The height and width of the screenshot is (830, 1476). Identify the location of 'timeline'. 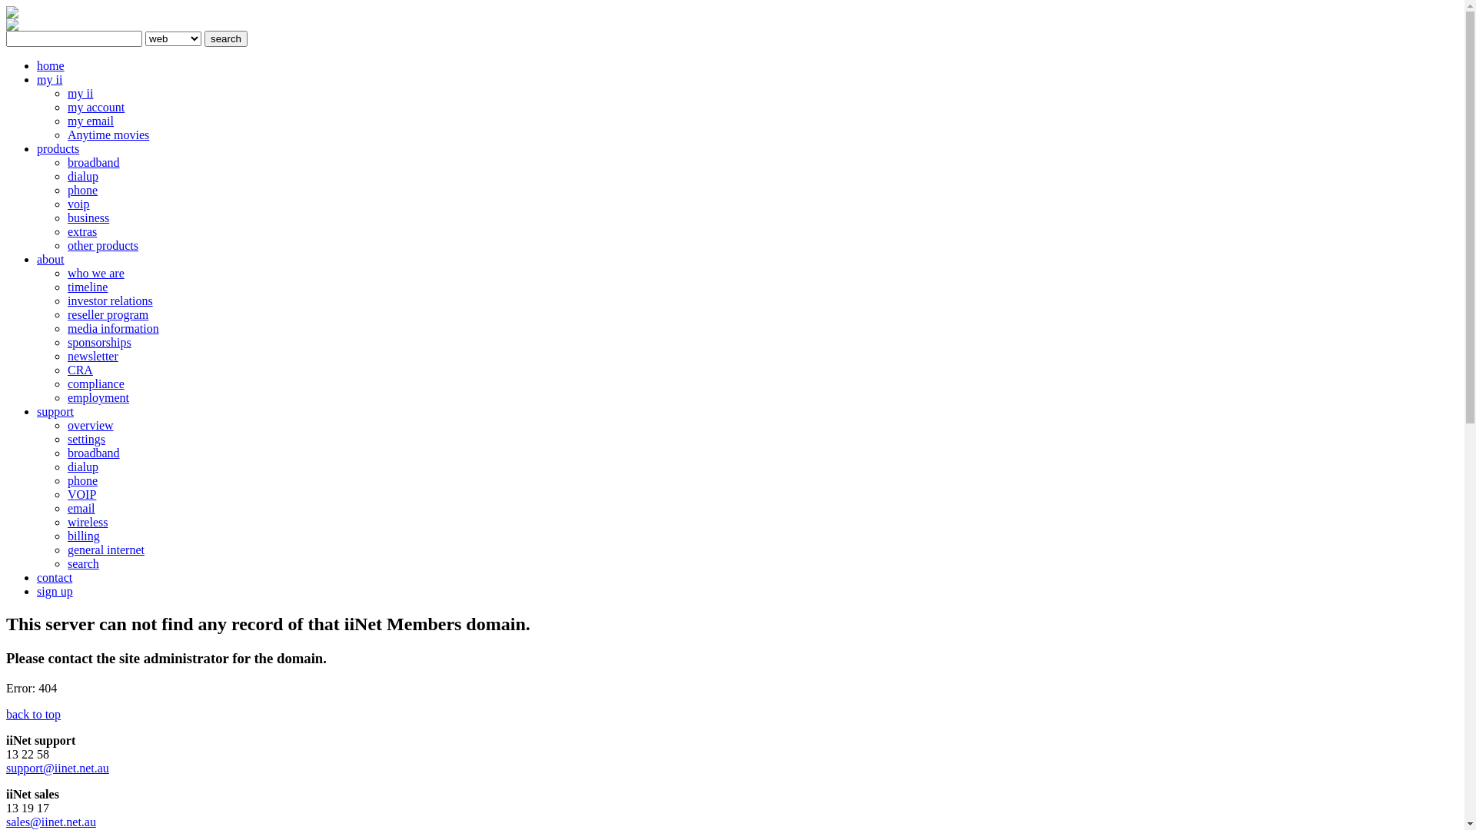
(87, 287).